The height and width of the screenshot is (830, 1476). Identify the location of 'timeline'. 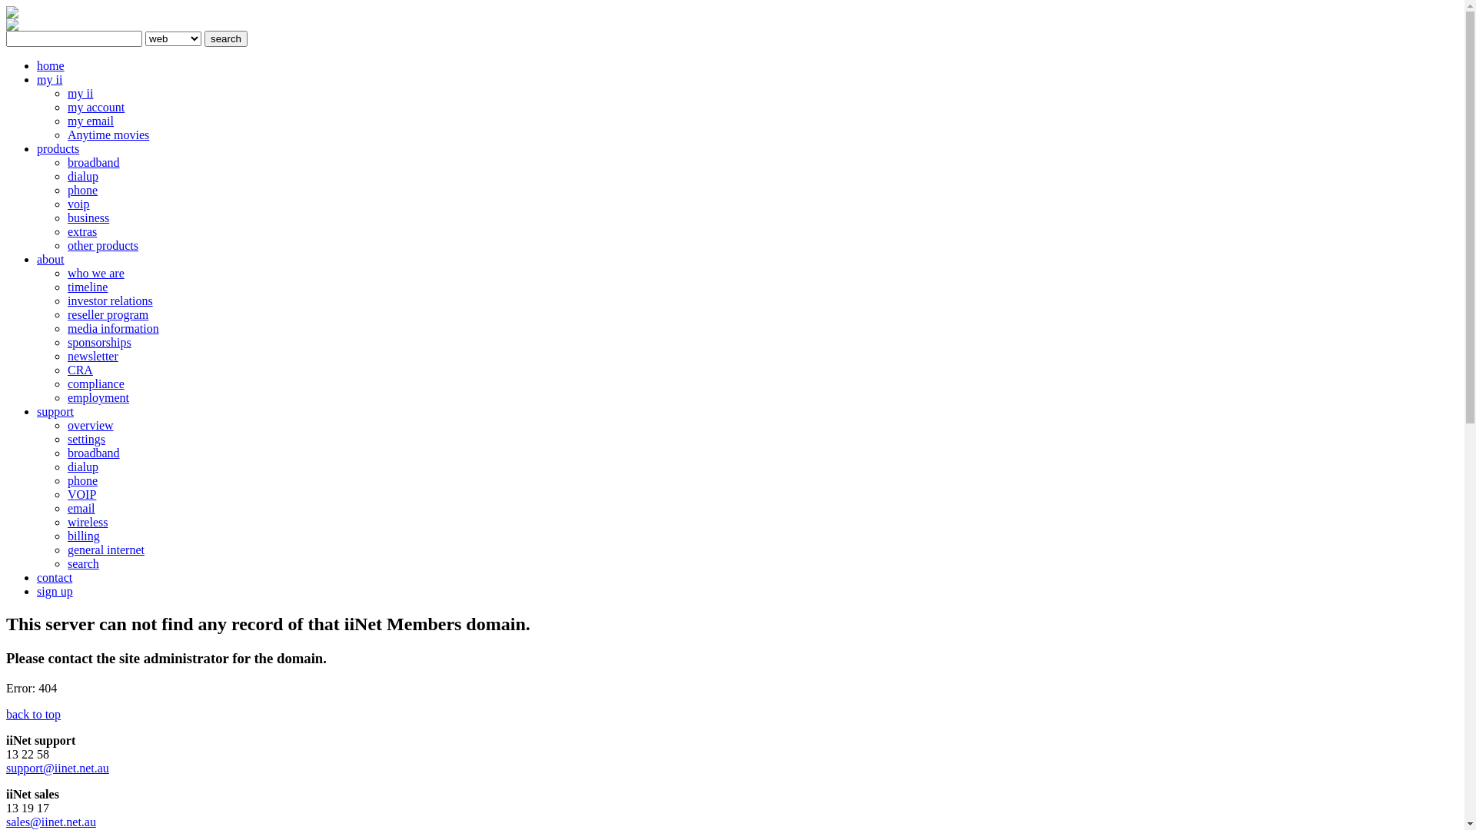
(87, 287).